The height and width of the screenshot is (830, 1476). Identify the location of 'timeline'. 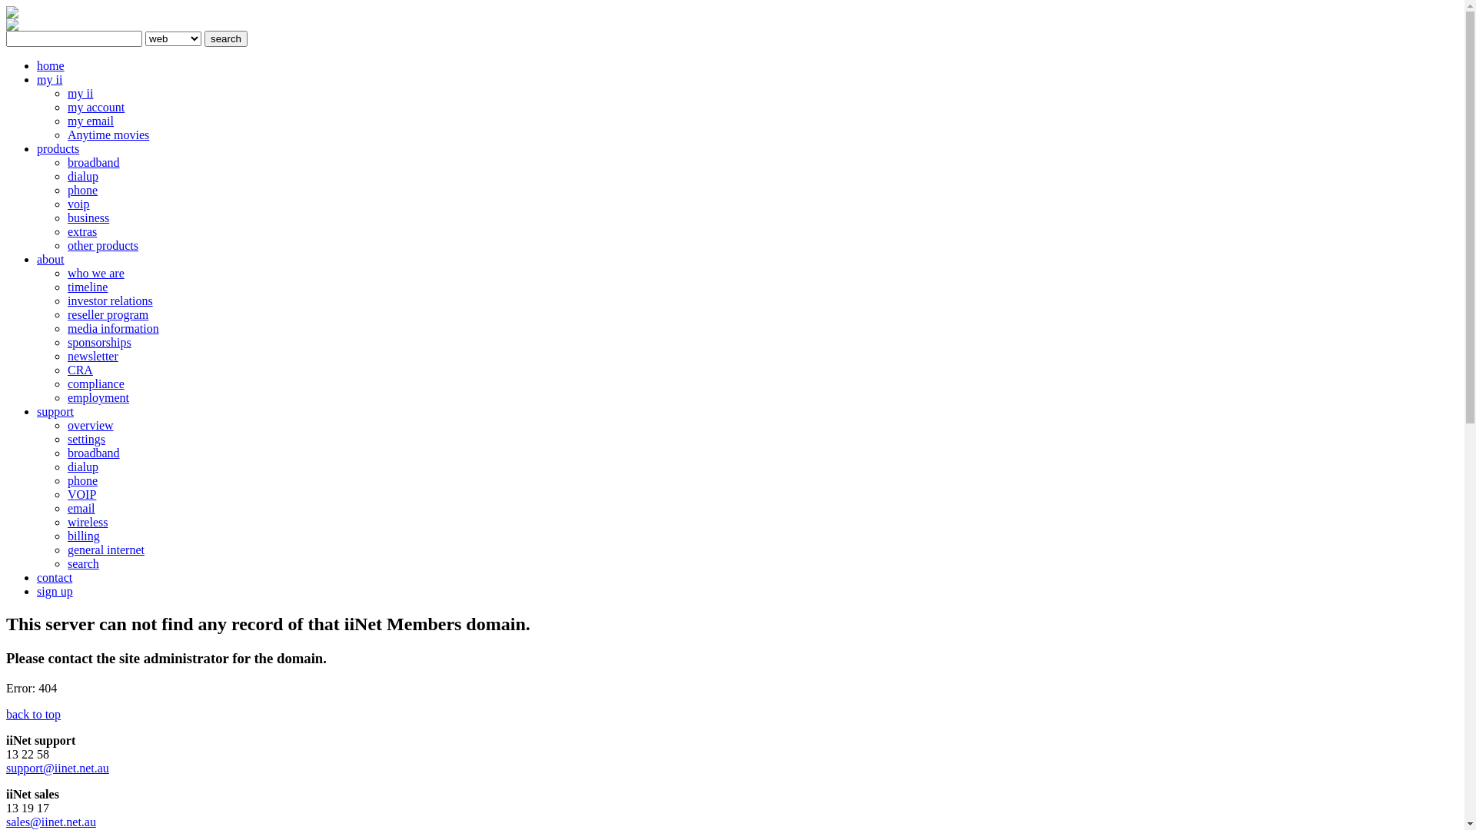
(87, 287).